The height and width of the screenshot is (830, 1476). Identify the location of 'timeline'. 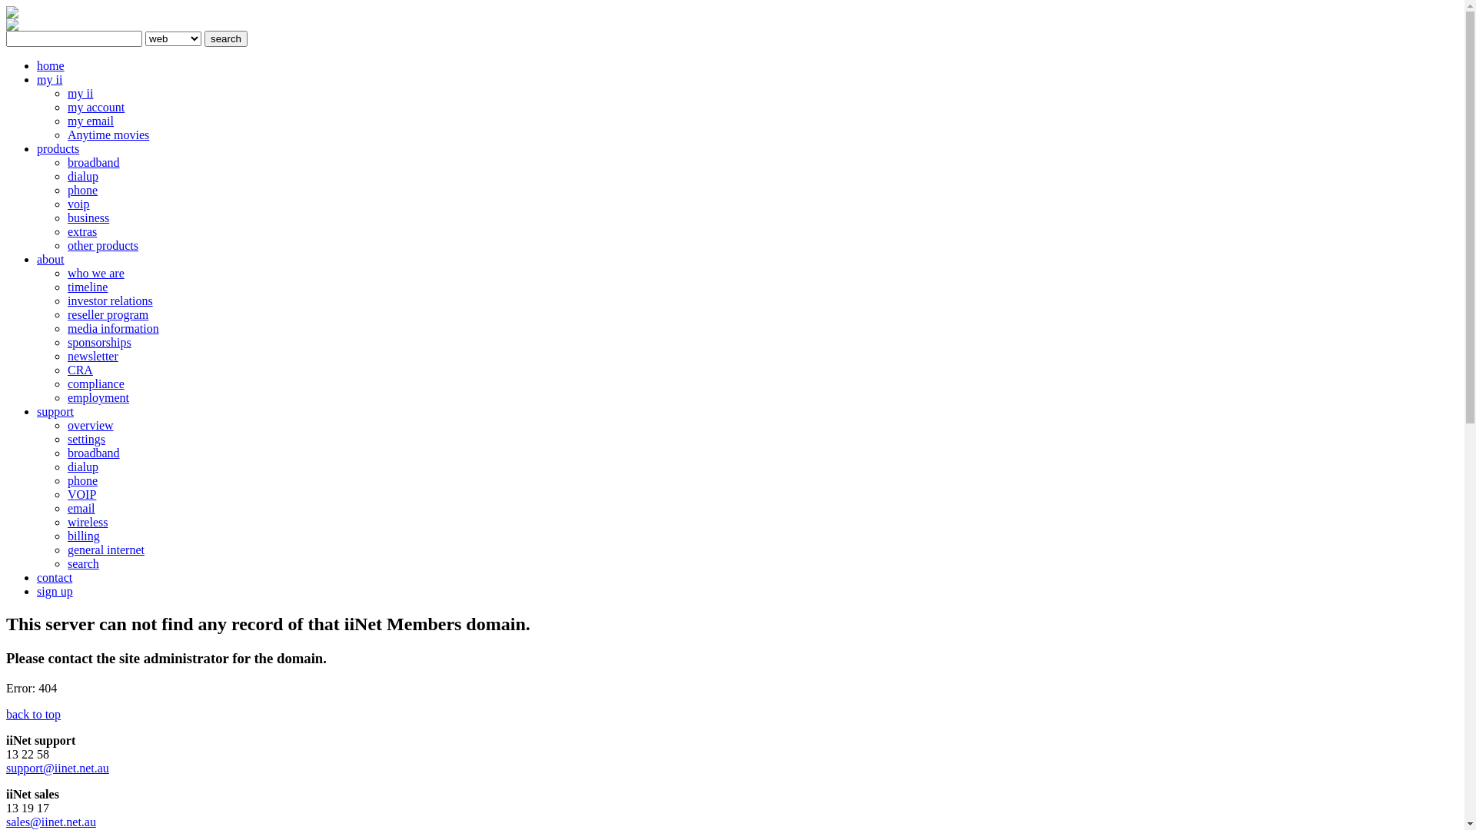
(87, 287).